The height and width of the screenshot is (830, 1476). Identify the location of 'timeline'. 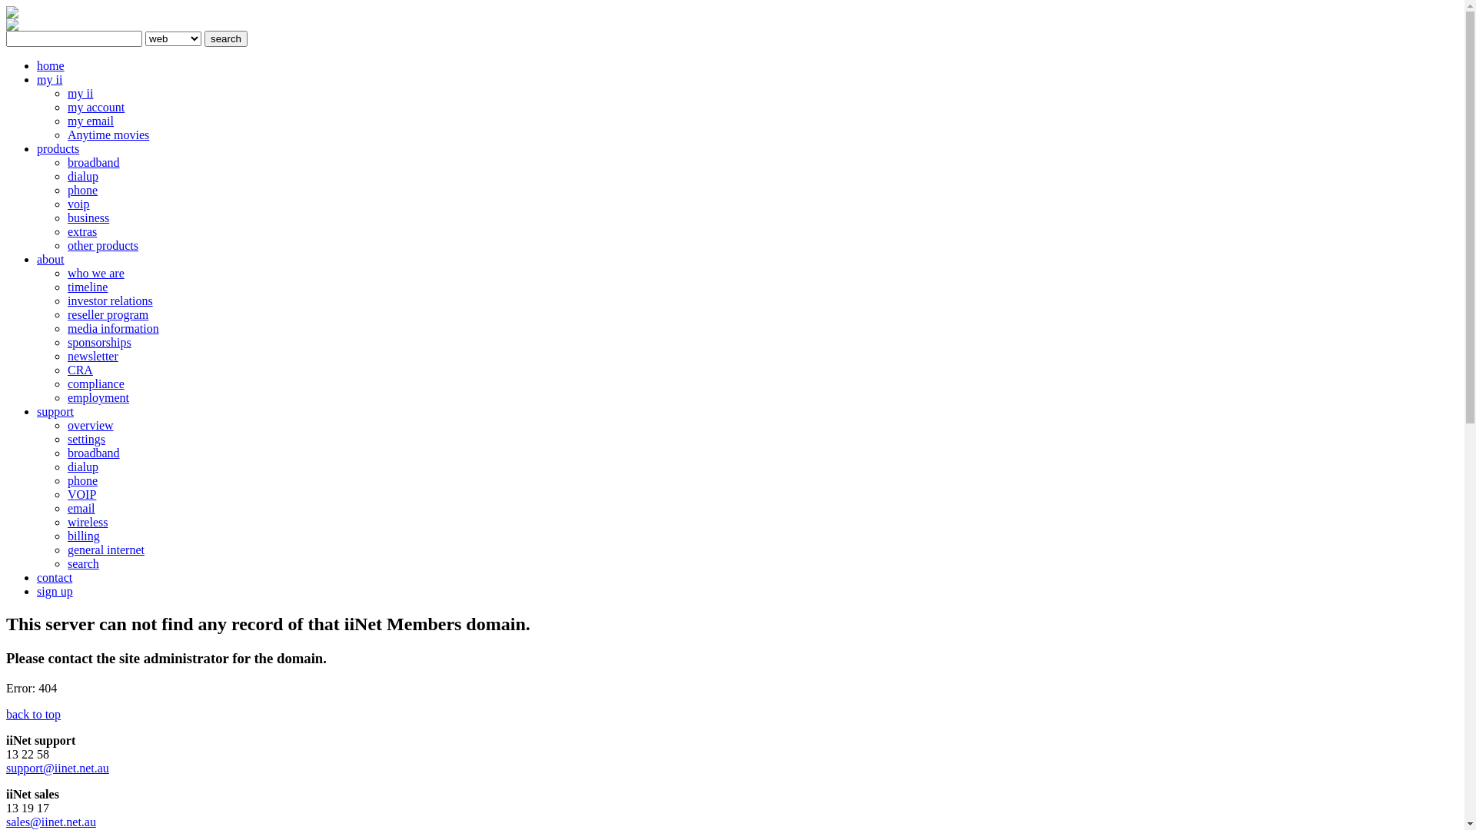
(87, 287).